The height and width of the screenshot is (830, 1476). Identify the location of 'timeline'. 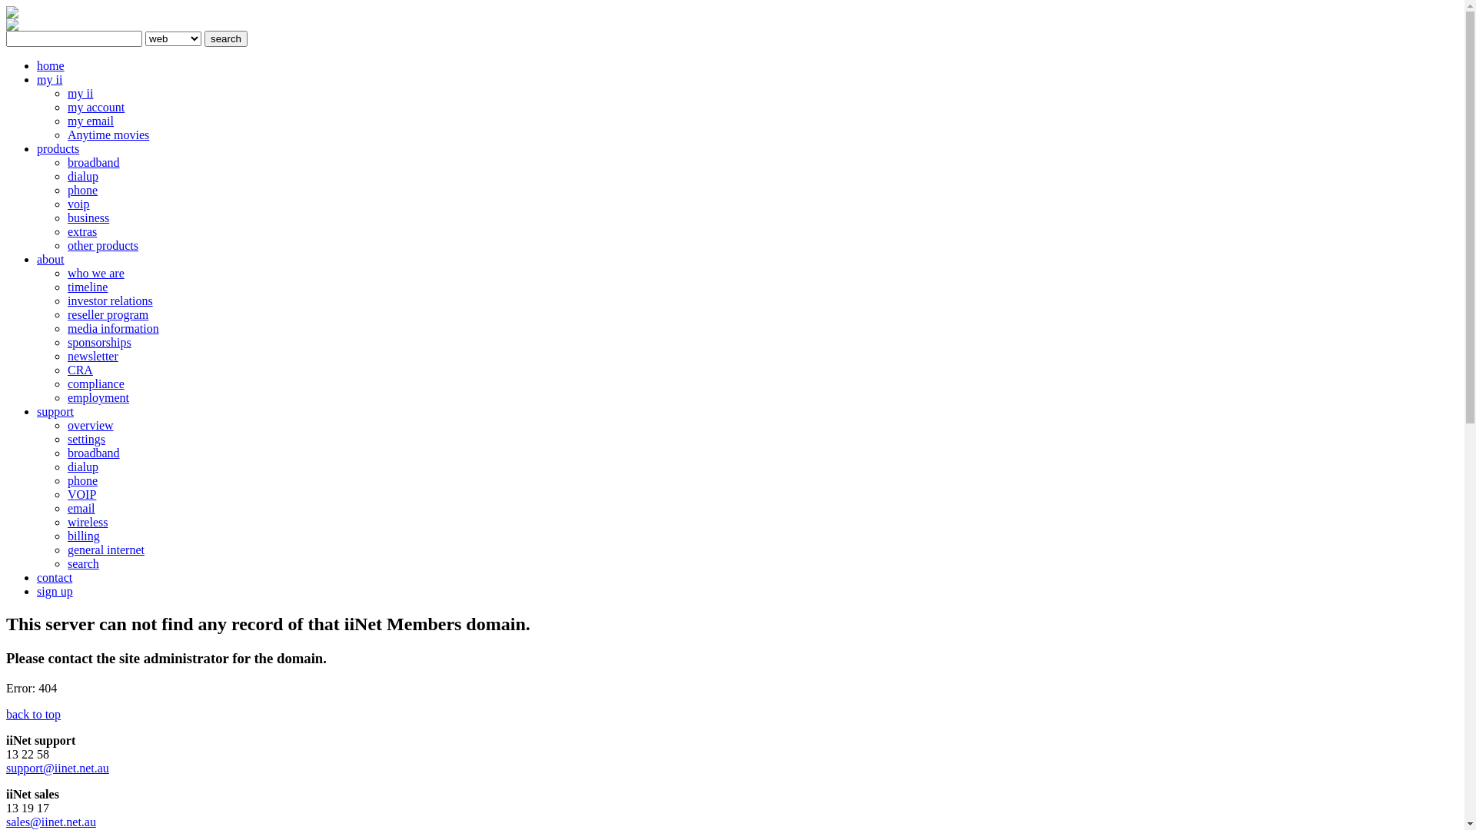
(87, 287).